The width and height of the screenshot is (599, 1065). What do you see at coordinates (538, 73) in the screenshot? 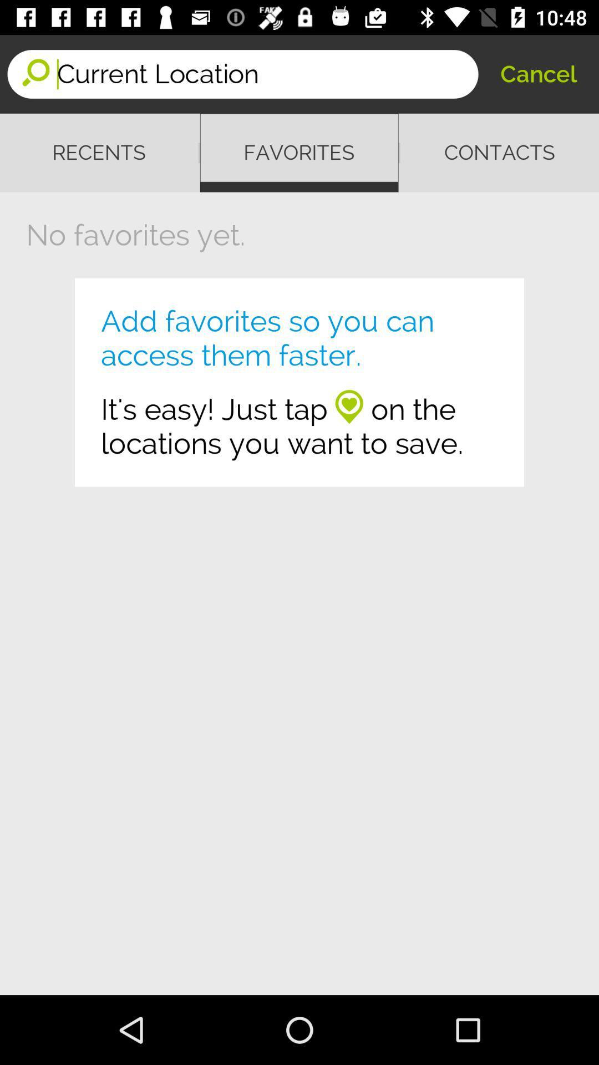
I see `cancel icon` at bounding box center [538, 73].